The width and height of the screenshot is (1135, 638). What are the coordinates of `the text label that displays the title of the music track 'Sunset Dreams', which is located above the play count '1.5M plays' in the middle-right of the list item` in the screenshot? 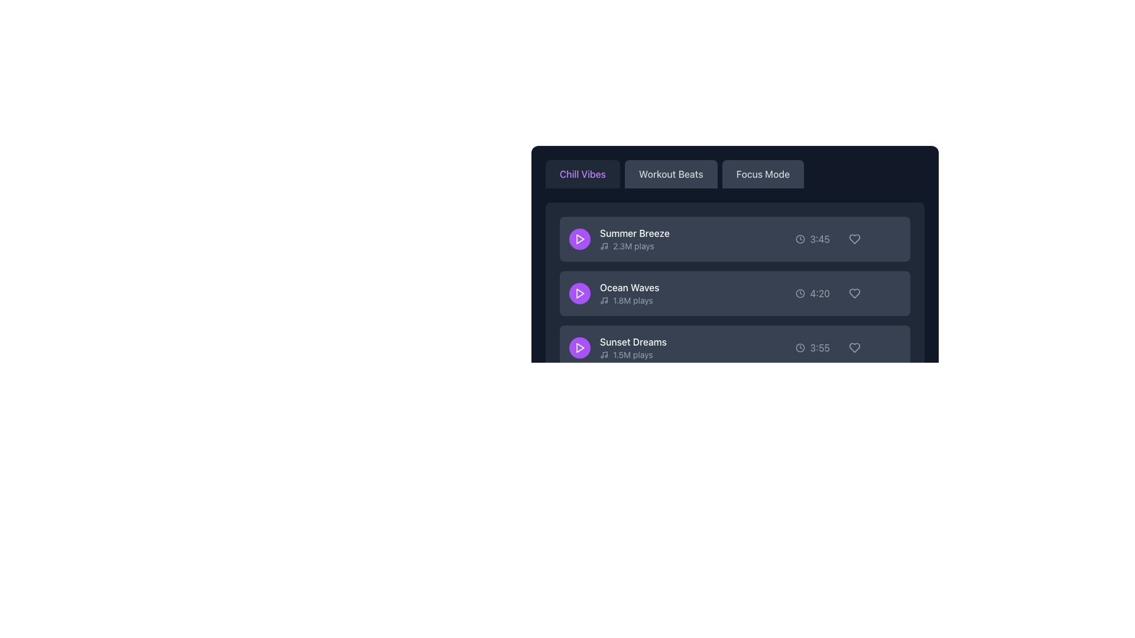 It's located at (633, 341).